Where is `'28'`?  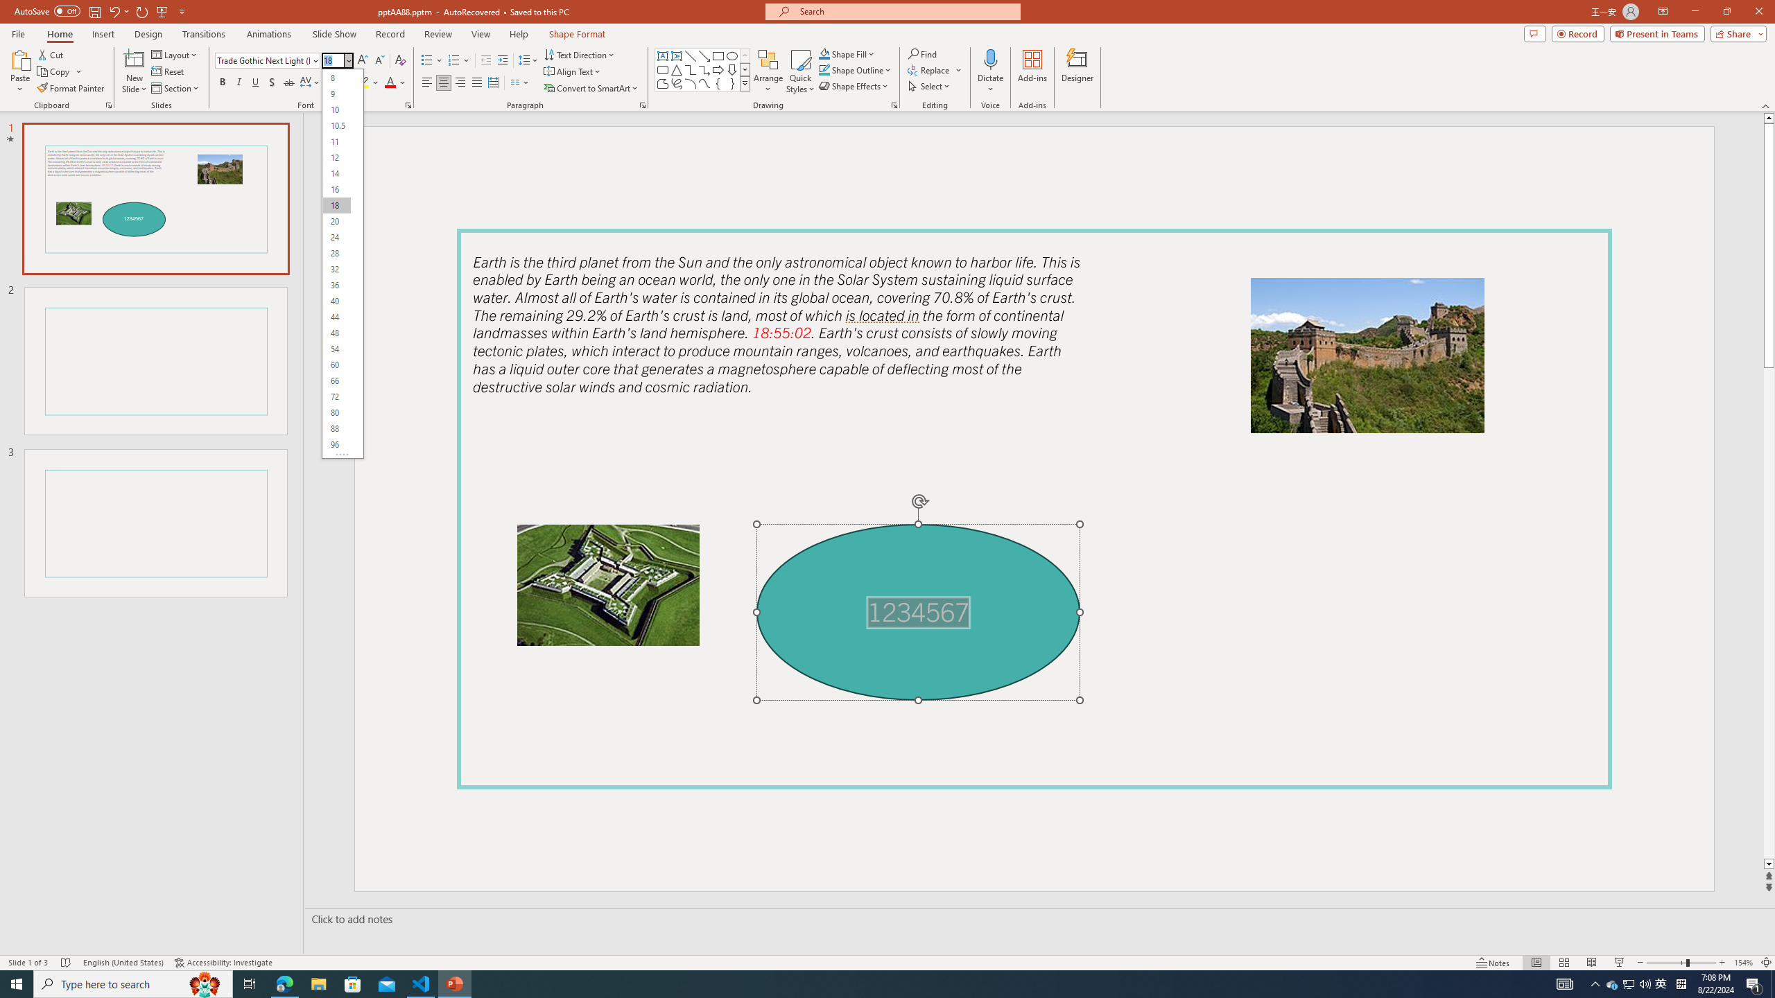 '28' is located at coordinates (336, 252).